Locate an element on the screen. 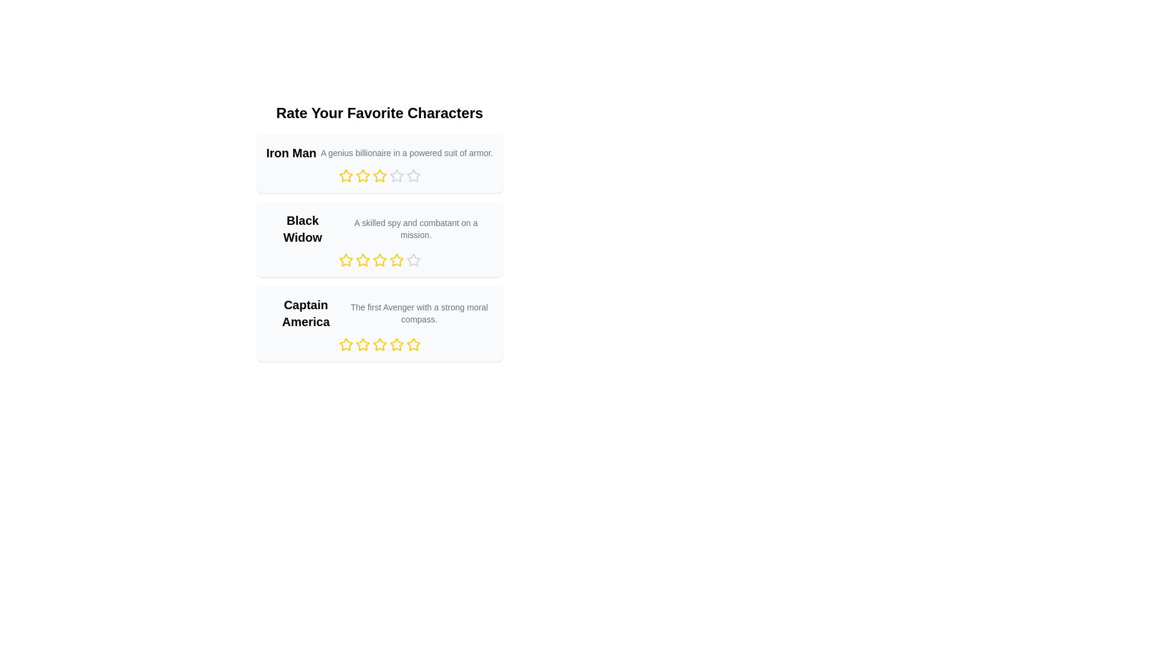  the third star icon in the Rating component under the list item titled 'Captain America' is located at coordinates (379, 344).